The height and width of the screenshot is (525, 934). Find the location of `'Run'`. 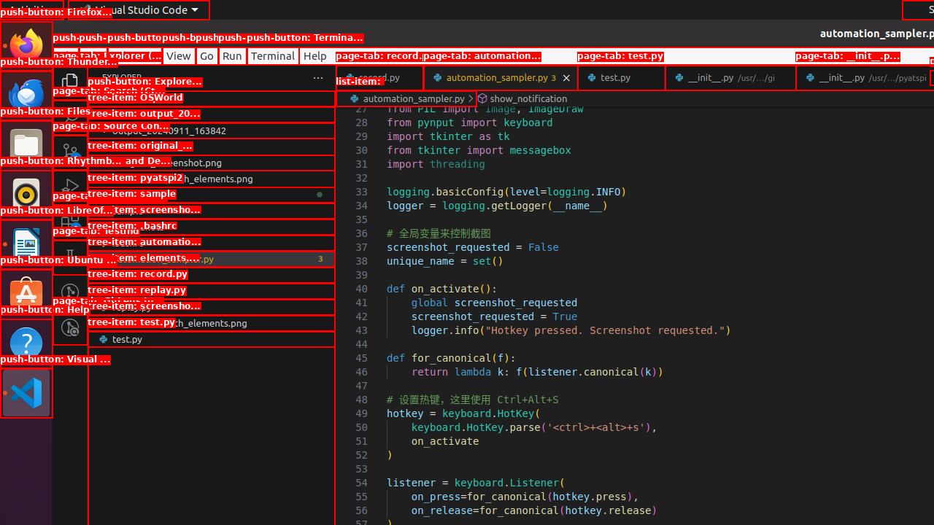

'Run' is located at coordinates (231, 55).